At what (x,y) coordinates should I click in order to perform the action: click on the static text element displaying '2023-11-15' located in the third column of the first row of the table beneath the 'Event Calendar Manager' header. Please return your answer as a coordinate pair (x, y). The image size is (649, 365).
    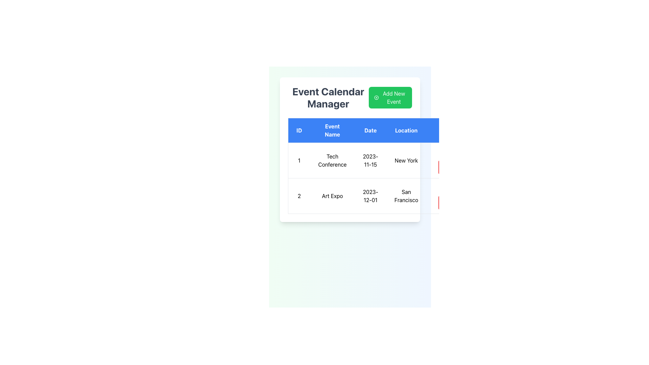
    Looking at the image, I should click on (370, 160).